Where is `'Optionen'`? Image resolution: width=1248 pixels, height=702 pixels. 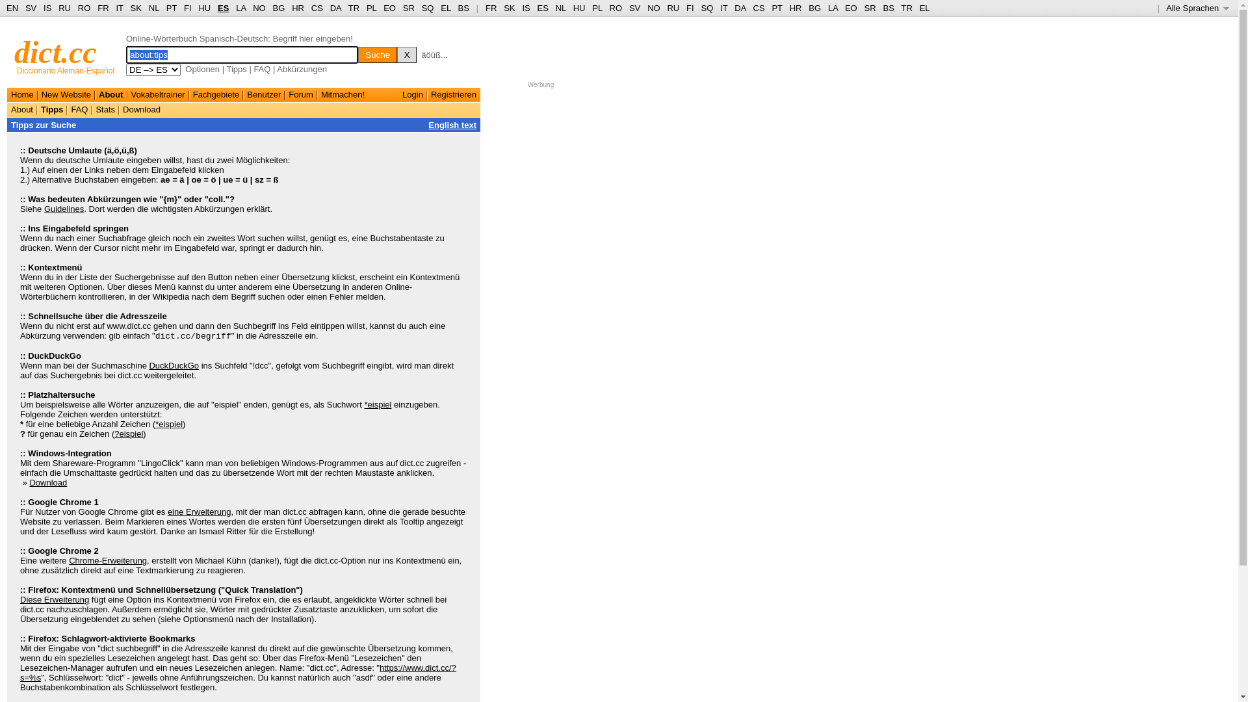 'Optionen' is located at coordinates (201, 69).